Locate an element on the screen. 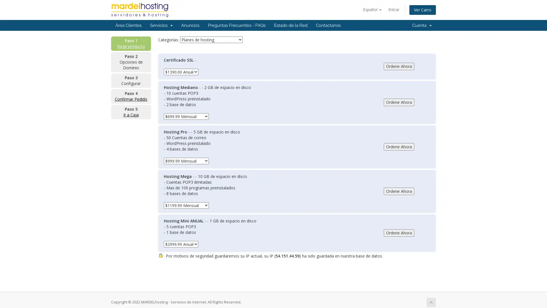 This screenshot has width=547, height=308. Ordene Ahora is located at coordinates (399, 102).